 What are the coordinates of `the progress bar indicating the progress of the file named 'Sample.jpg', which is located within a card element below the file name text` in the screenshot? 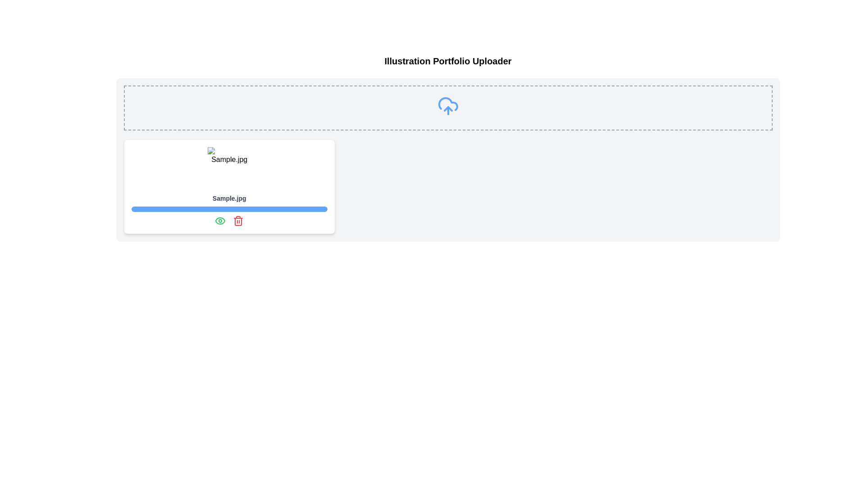 It's located at (229, 209).